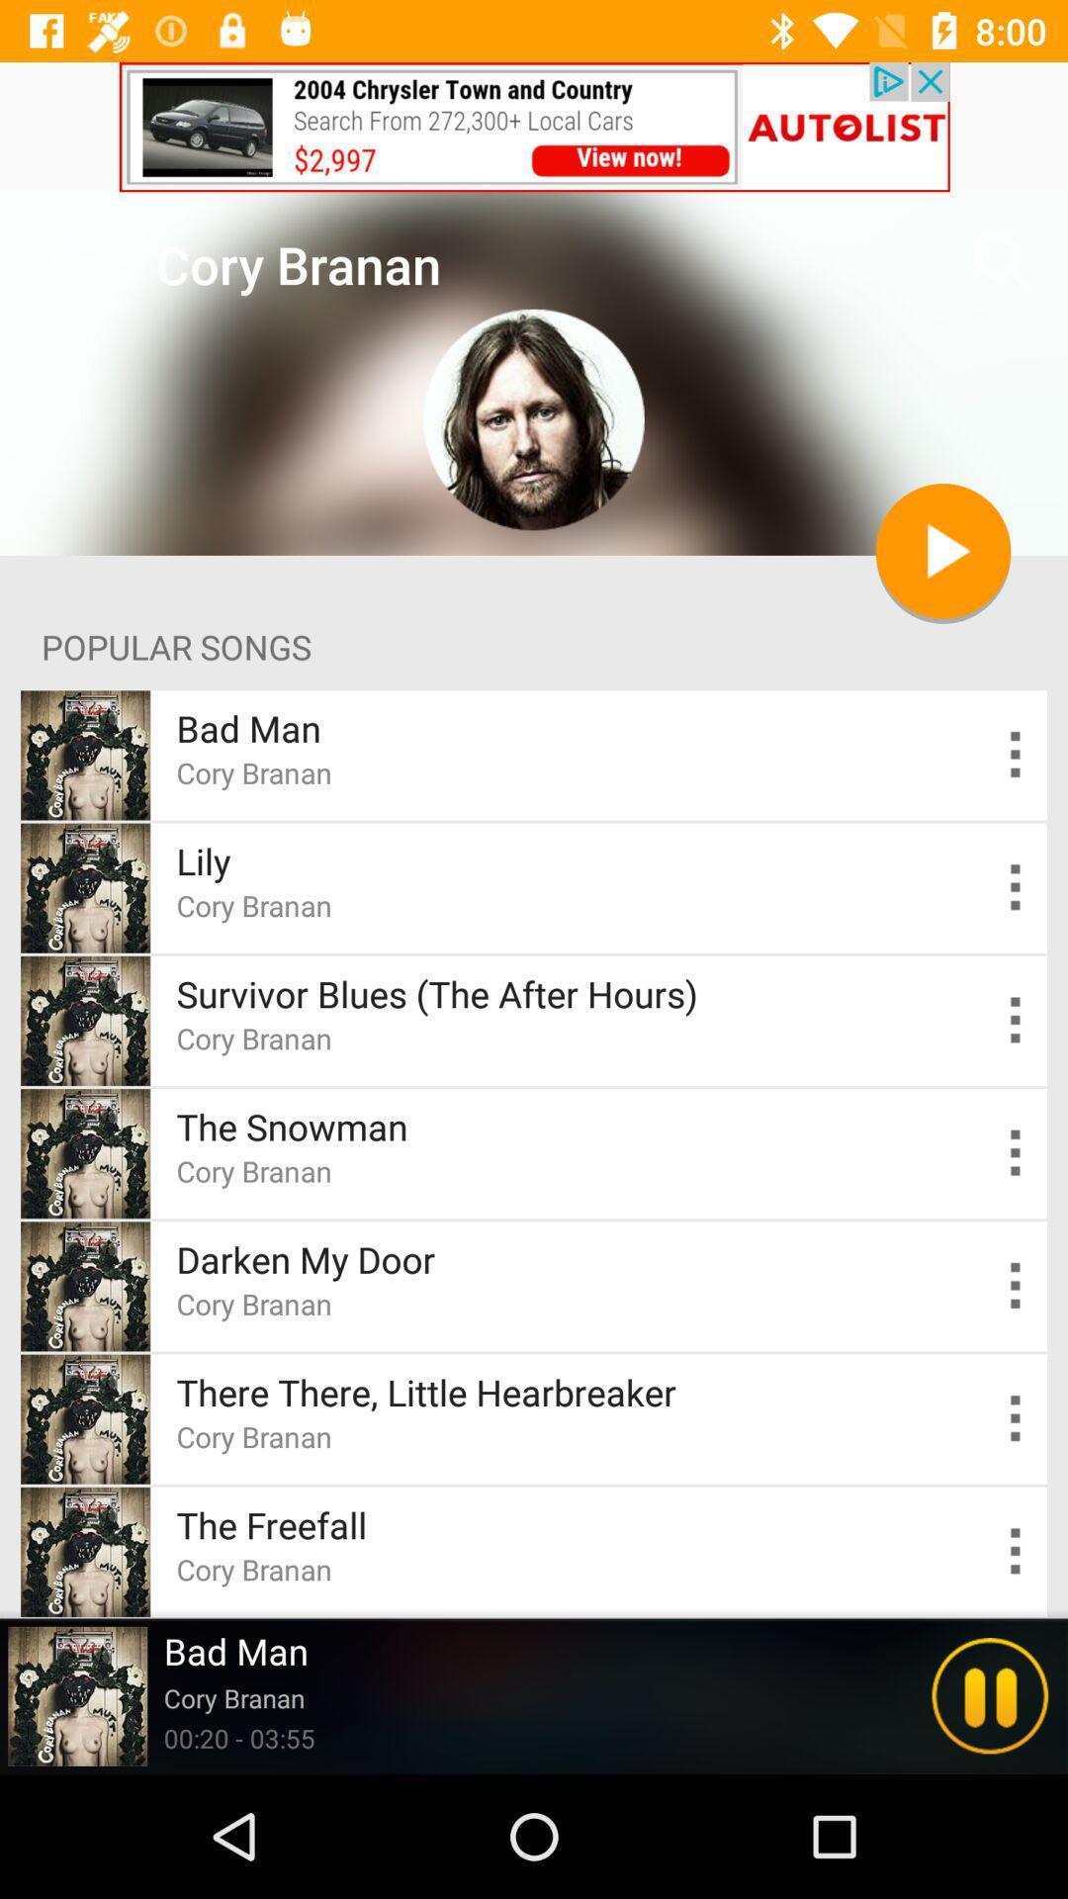 This screenshot has height=1899, width=1068. What do you see at coordinates (990, 1695) in the screenshot?
I see `the pause icon` at bounding box center [990, 1695].